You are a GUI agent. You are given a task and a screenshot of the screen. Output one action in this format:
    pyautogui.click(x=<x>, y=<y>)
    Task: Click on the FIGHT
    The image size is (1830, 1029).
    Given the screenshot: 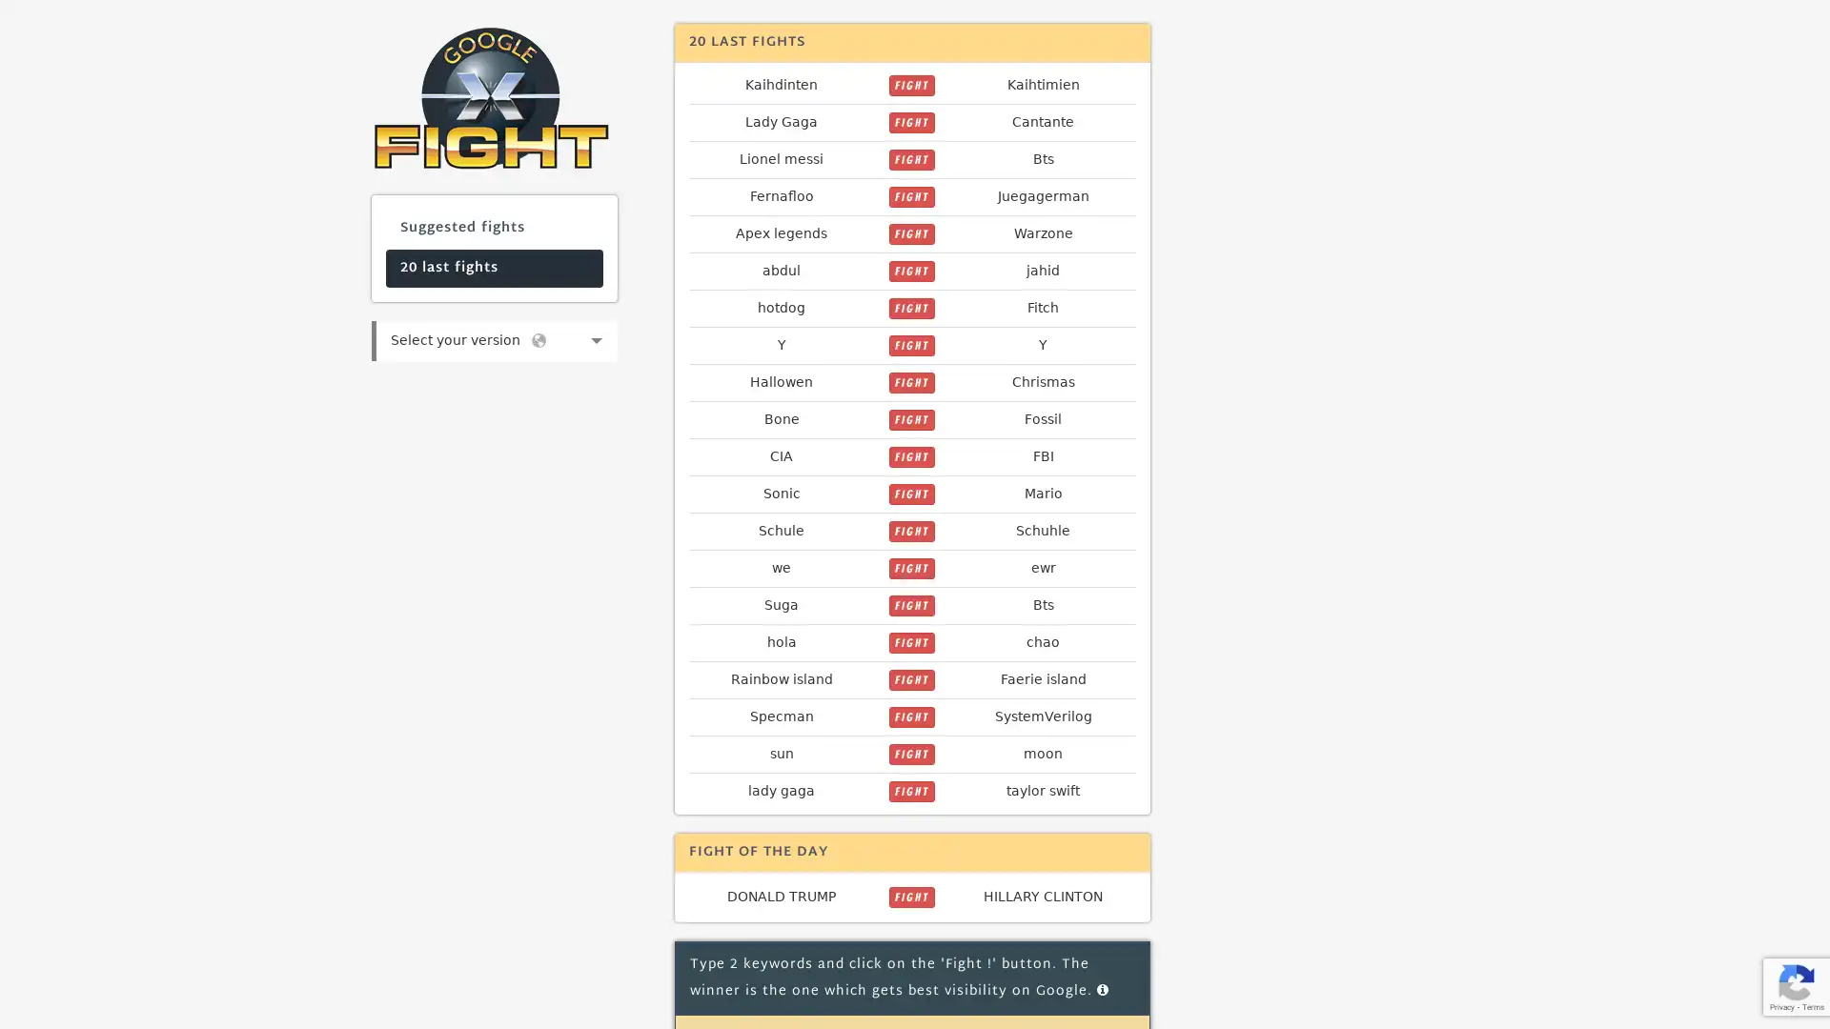 What is the action you would take?
    pyautogui.click(x=910, y=494)
    